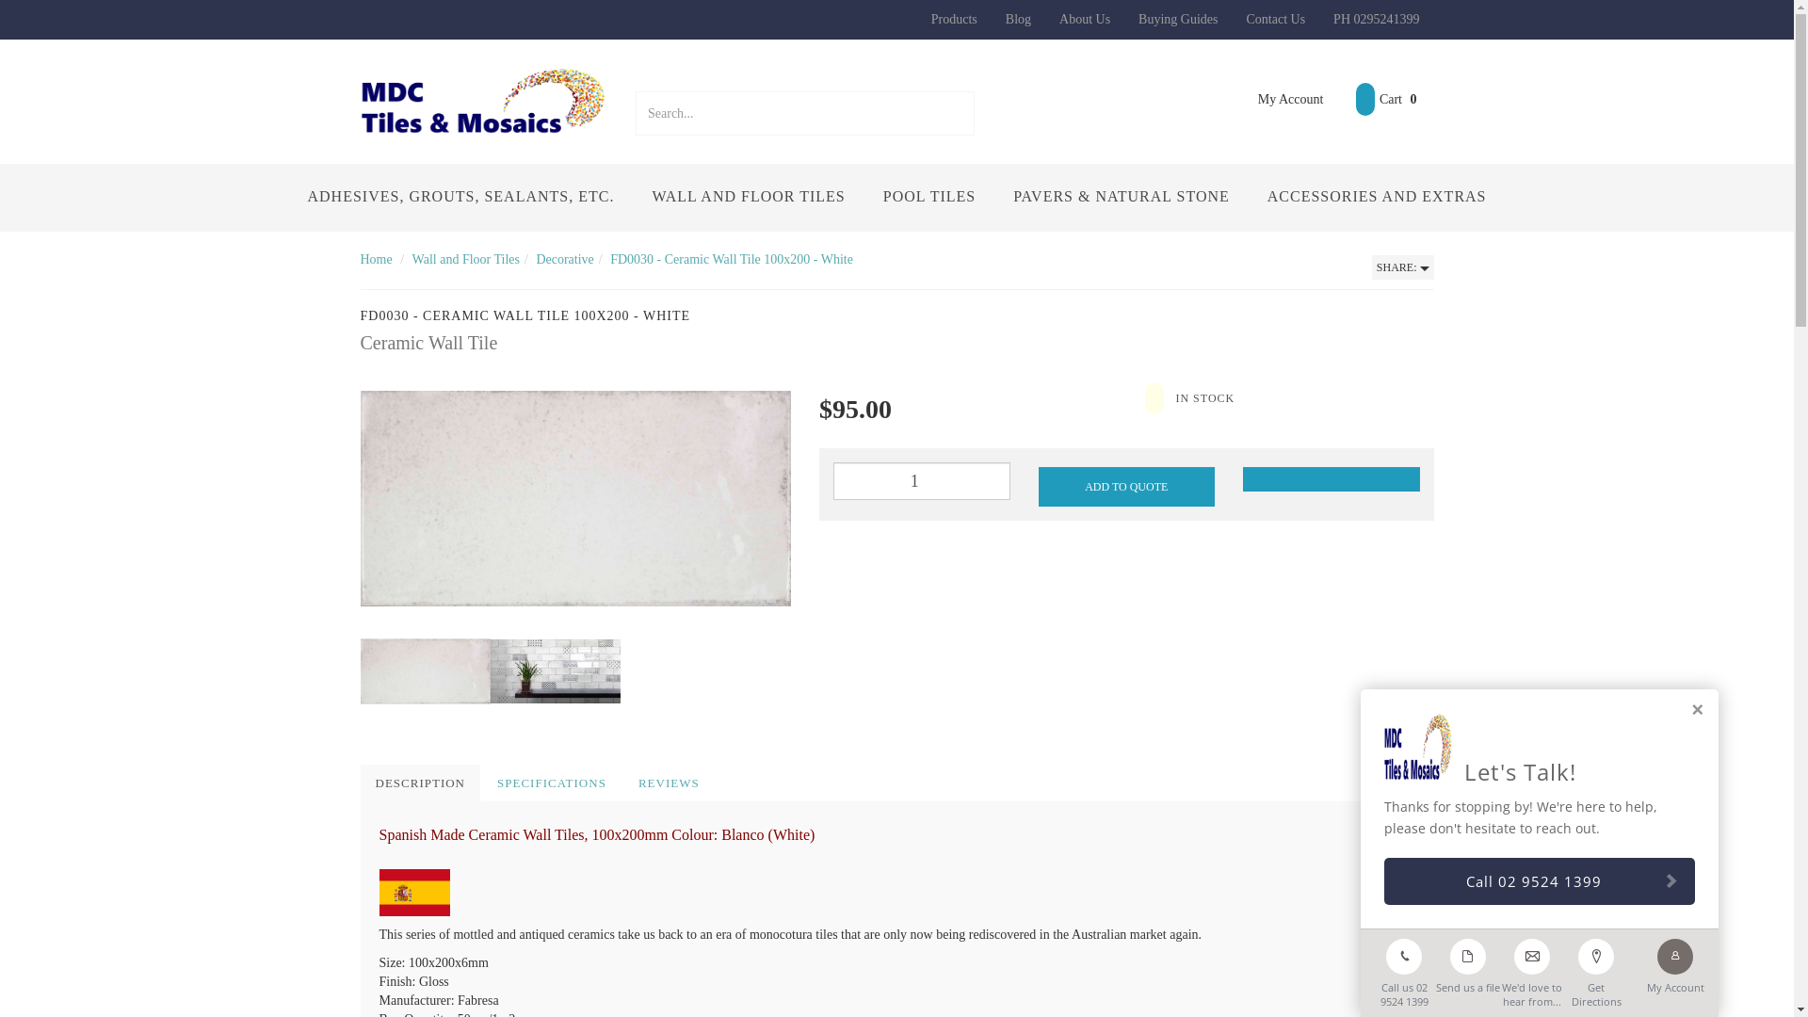 The image size is (1808, 1017). I want to click on 'Home', so click(360, 259).